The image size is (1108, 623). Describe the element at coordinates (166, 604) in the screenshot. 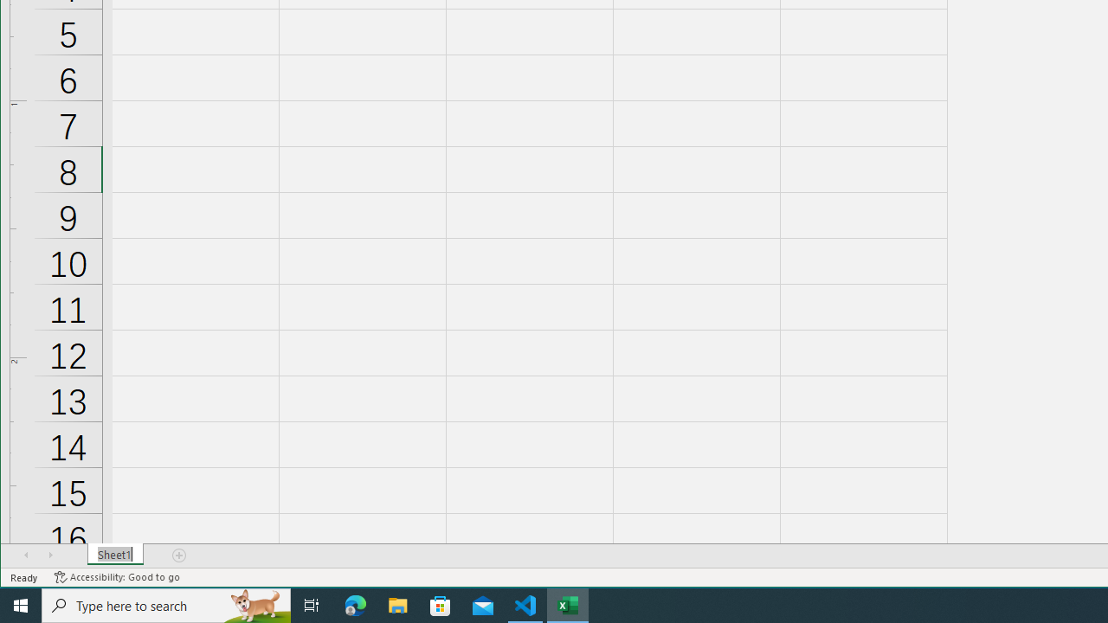

I see `'Type here to search'` at that location.